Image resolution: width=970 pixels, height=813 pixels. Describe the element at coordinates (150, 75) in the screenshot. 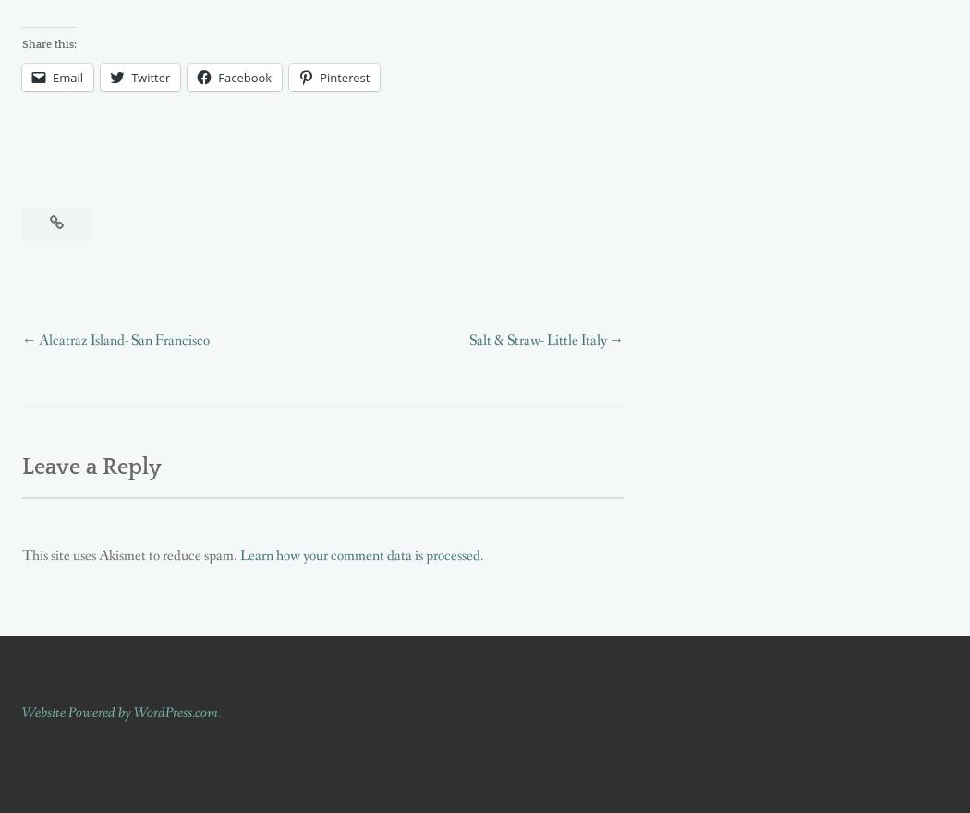

I see `'Twitter'` at that location.